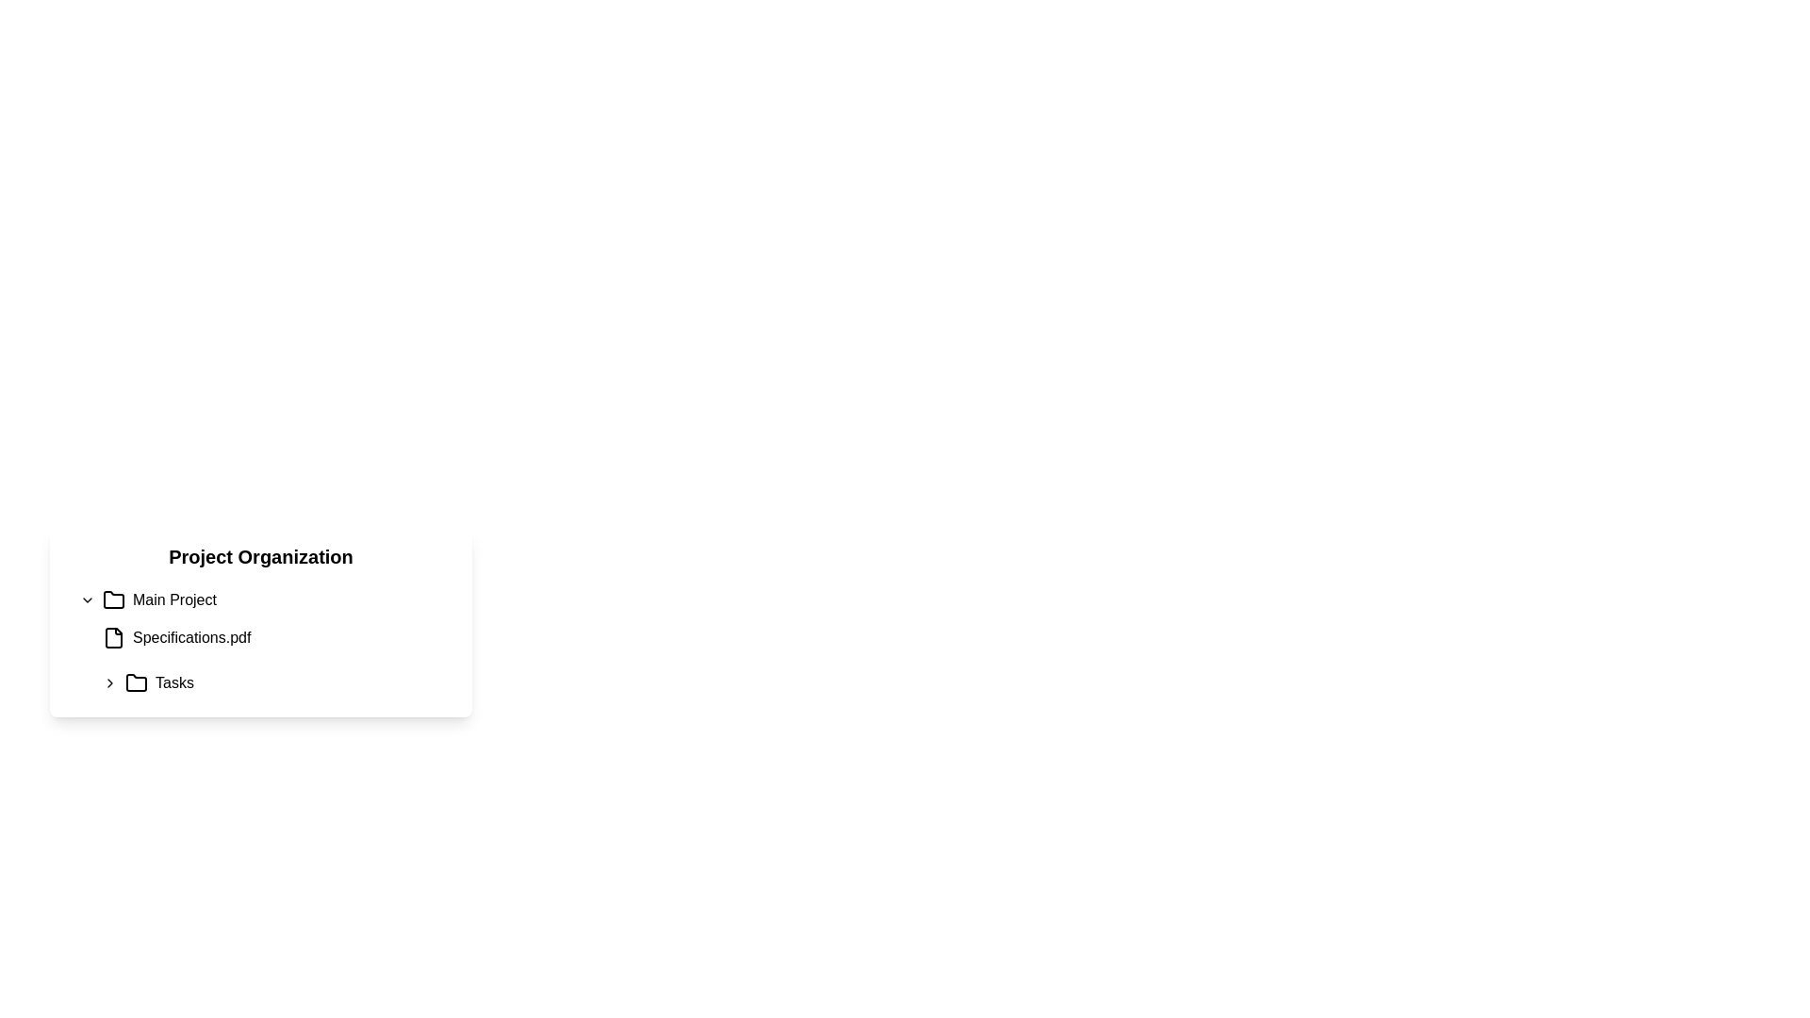  Describe the element at coordinates (274, 683) in the screenshot. I see `the list item representing the folder labeled 'Tasks' in the project navigation menu for additional information` at that location.